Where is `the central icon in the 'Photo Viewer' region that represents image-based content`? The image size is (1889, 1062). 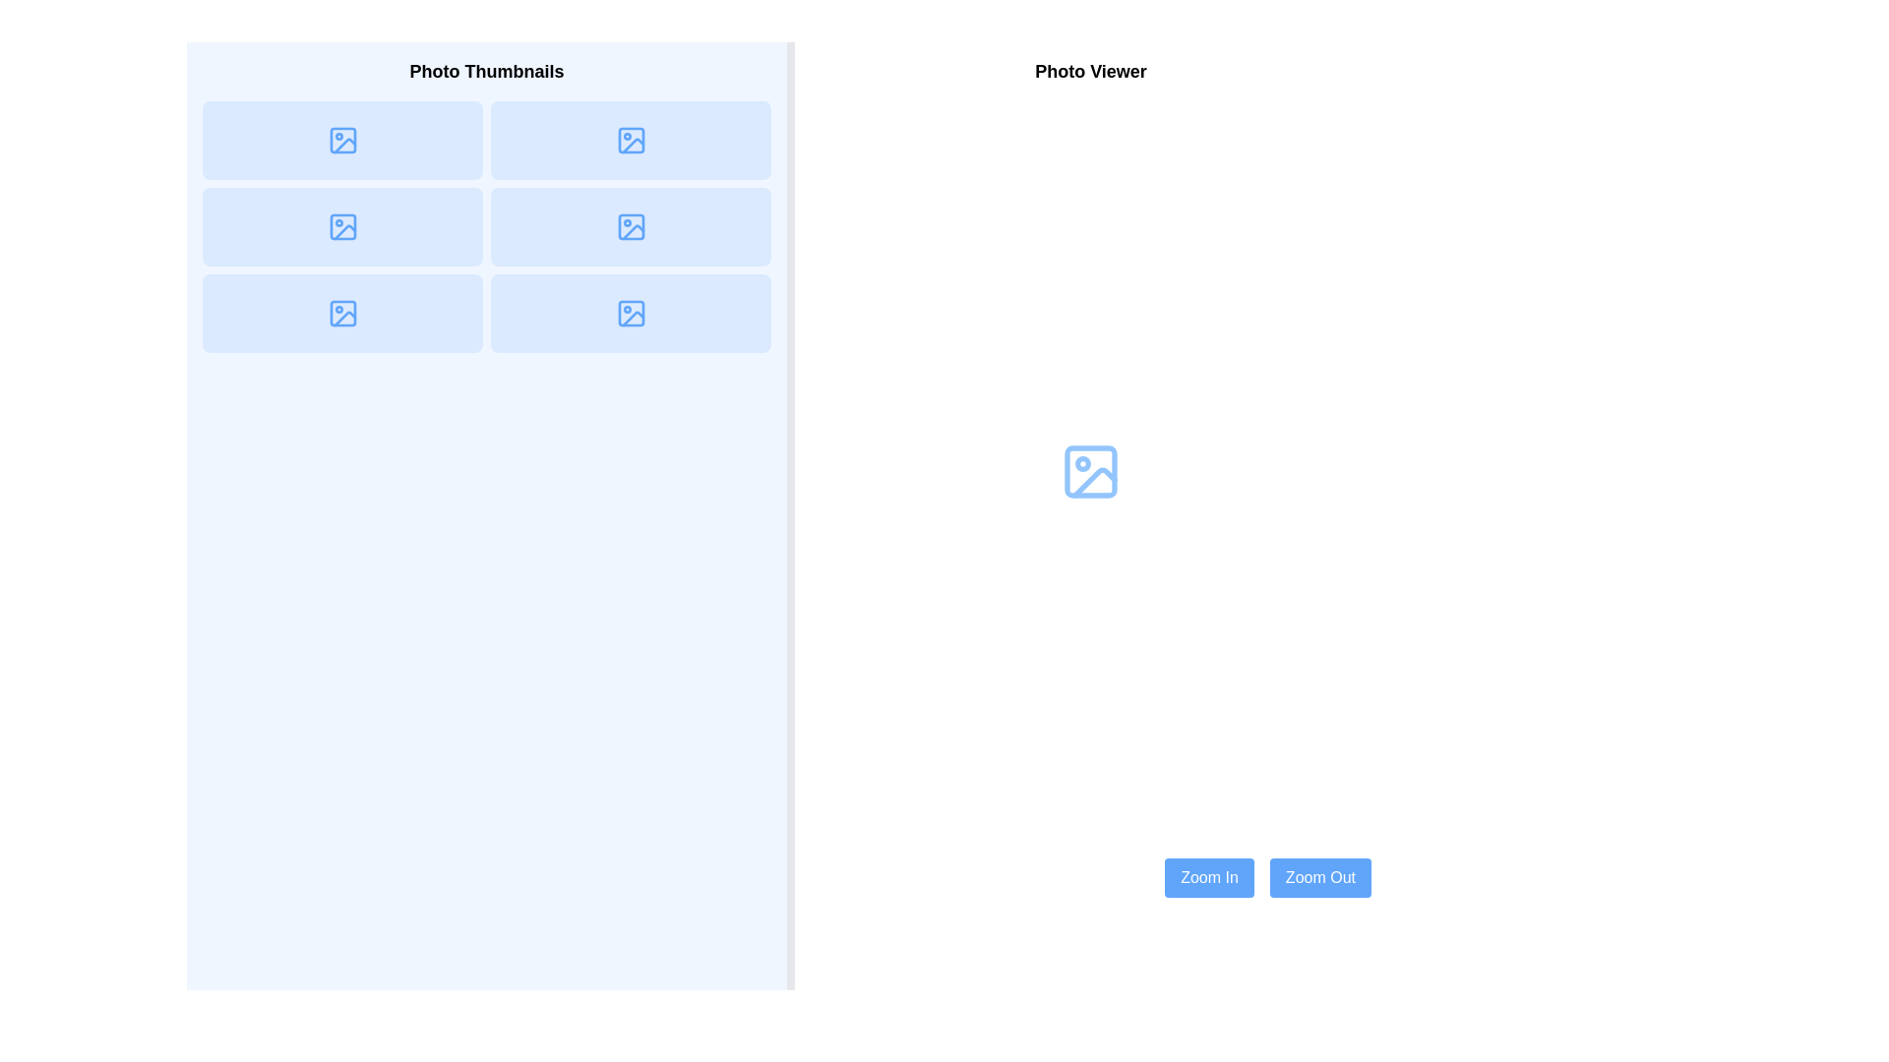
the central icon in the 'Photo Viewer' region that represents image-based content is located at coordinates (1089, 471).